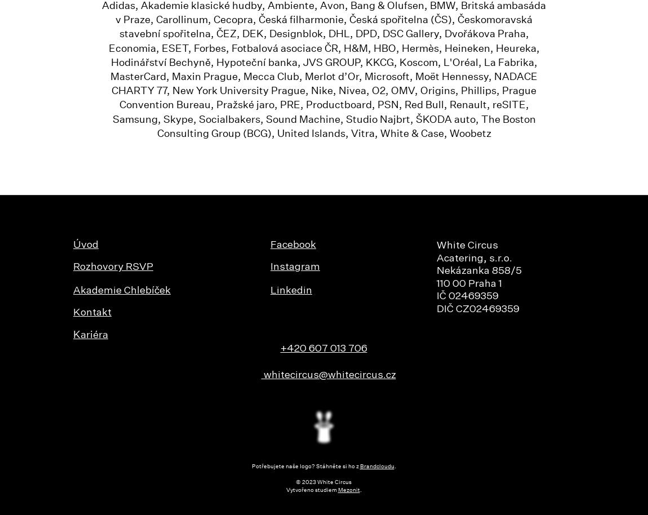 This screenshot has height=515, width=648. Describe the element at coordinates (436, 296) in the screenshot. I see `'IČ 02469359'` at that location.